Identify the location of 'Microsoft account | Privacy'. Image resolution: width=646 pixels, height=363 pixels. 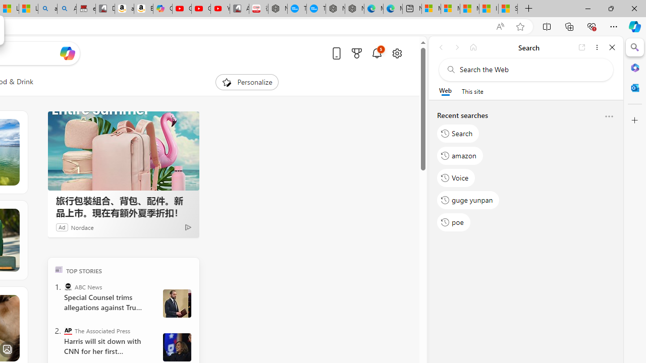
(450, 9).